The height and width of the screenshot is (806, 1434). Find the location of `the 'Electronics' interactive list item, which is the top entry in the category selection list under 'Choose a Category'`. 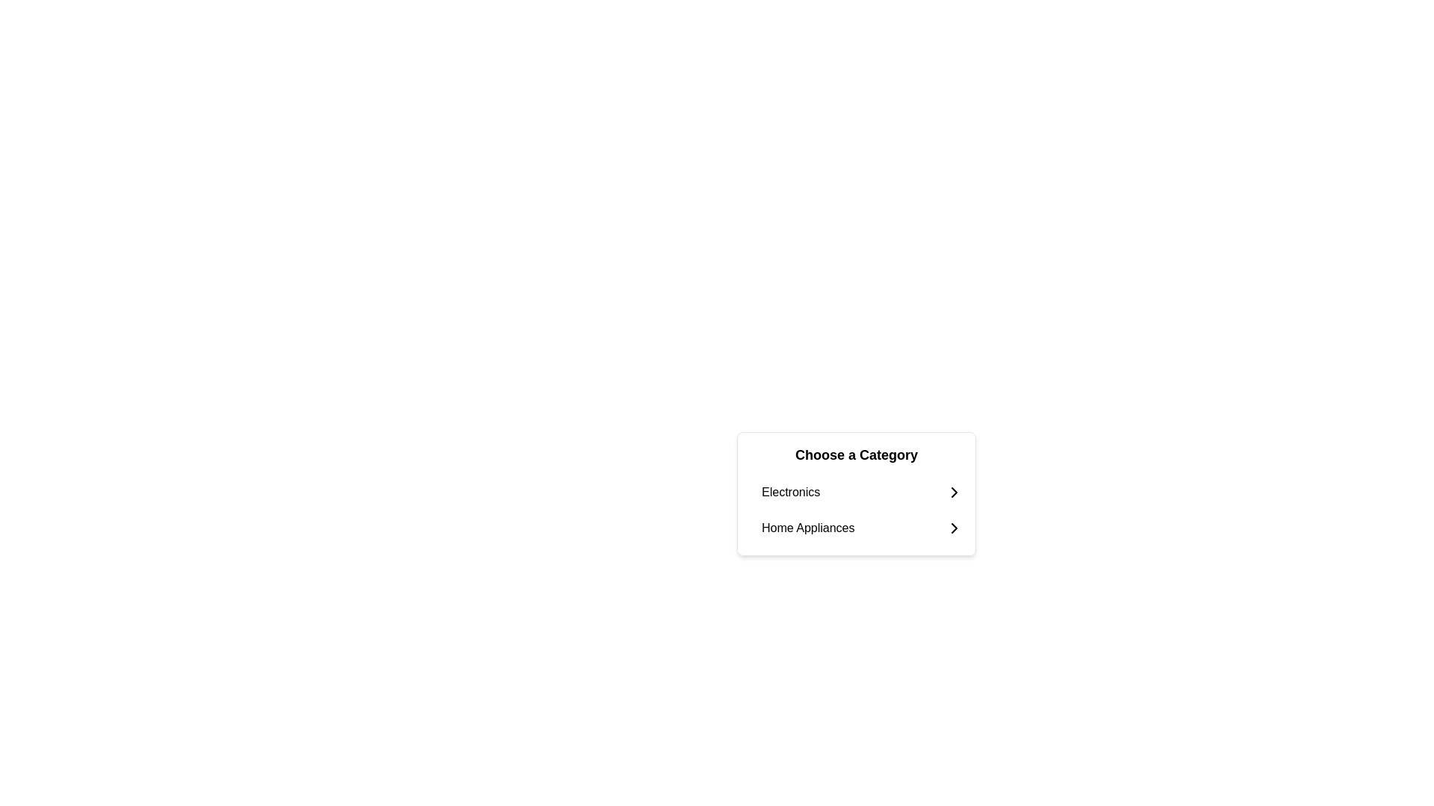

the 'Electronics' interactive list item, which is the top entry in the category selection list under 'Choose a Category' is located at coordinates (863, 492).